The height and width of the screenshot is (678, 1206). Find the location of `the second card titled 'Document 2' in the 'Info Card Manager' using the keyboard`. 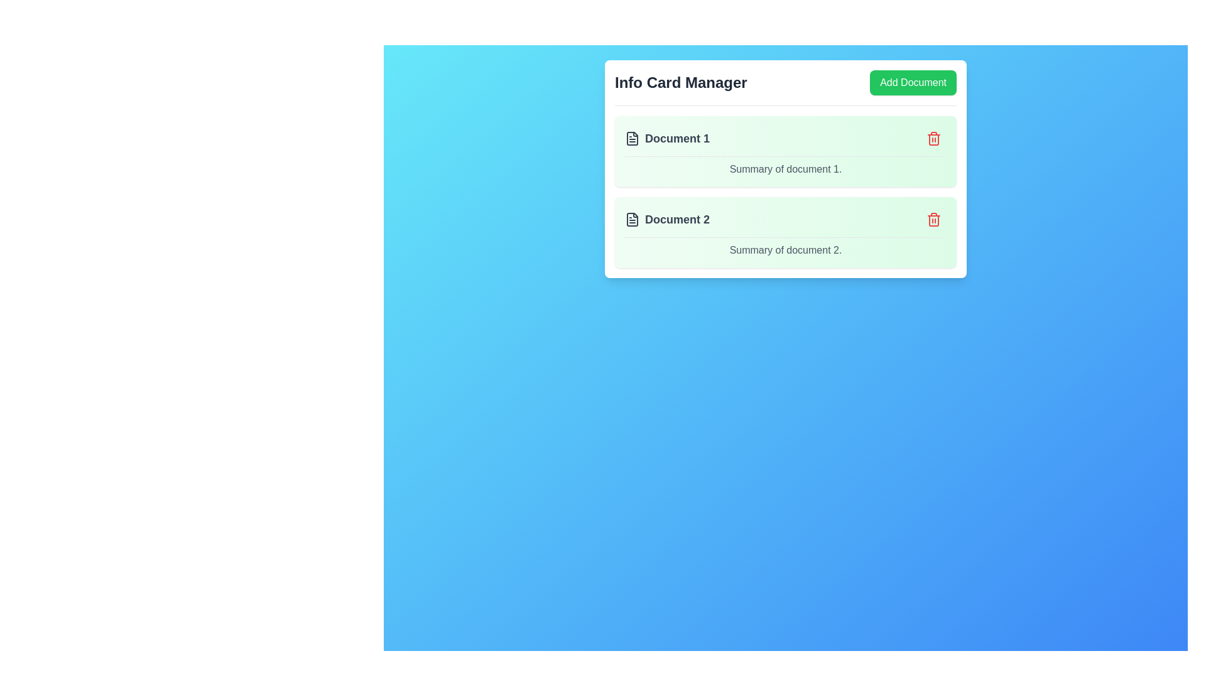

the second card titled 'Document 2' in the 'Info Card Manager' using the keyboard is located at coordinates (785, 222).